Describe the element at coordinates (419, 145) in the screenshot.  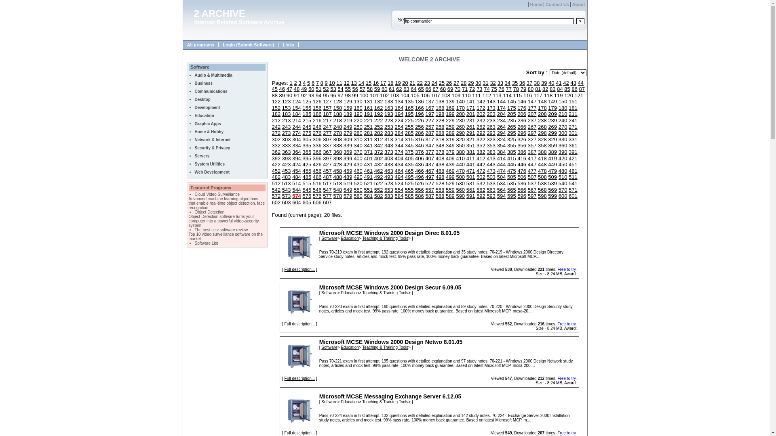
I see `'346'` at that location.